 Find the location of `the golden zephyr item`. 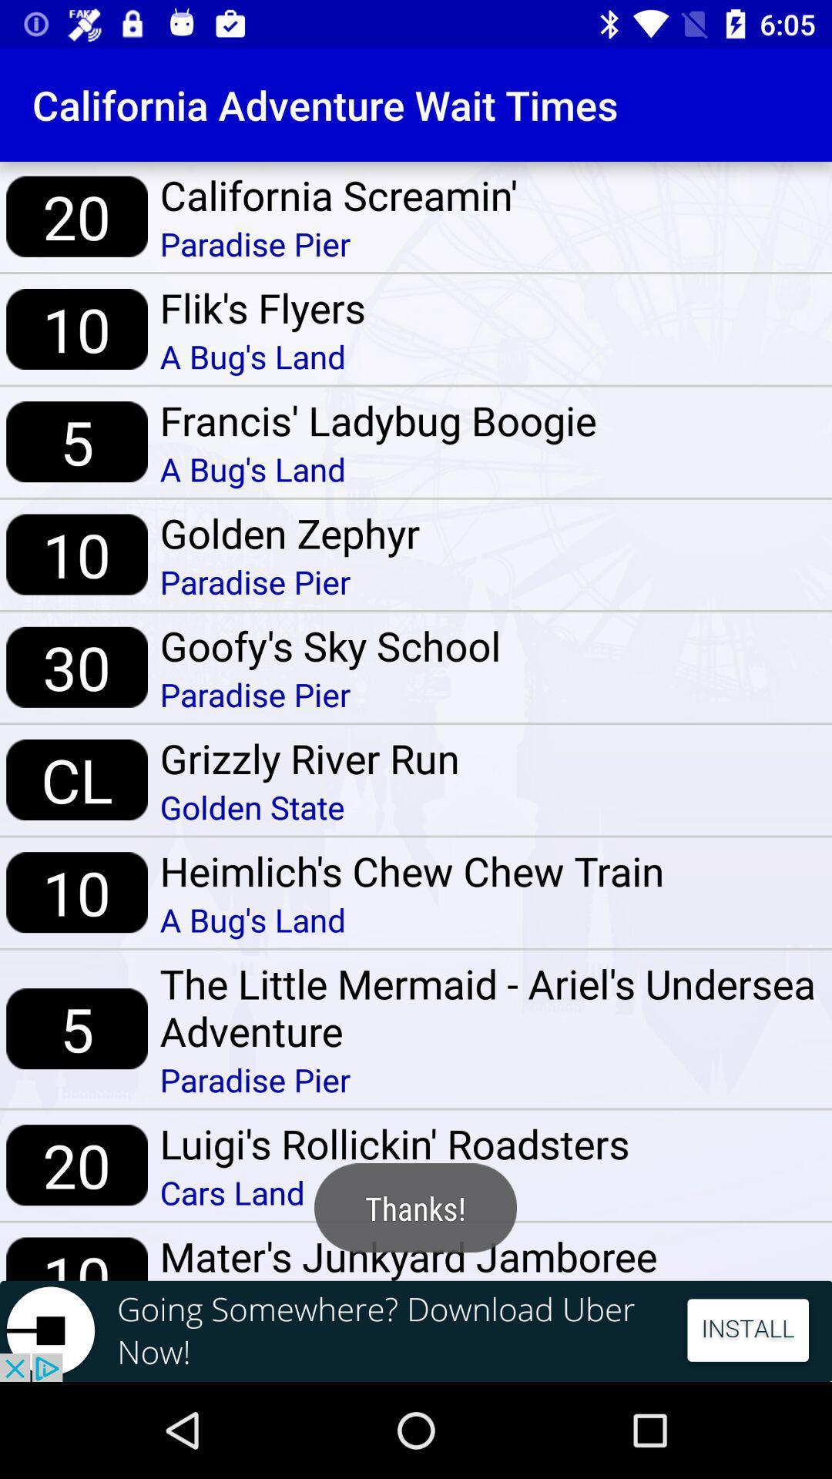

the golden zephyr item is located at coordinates (290, 532).